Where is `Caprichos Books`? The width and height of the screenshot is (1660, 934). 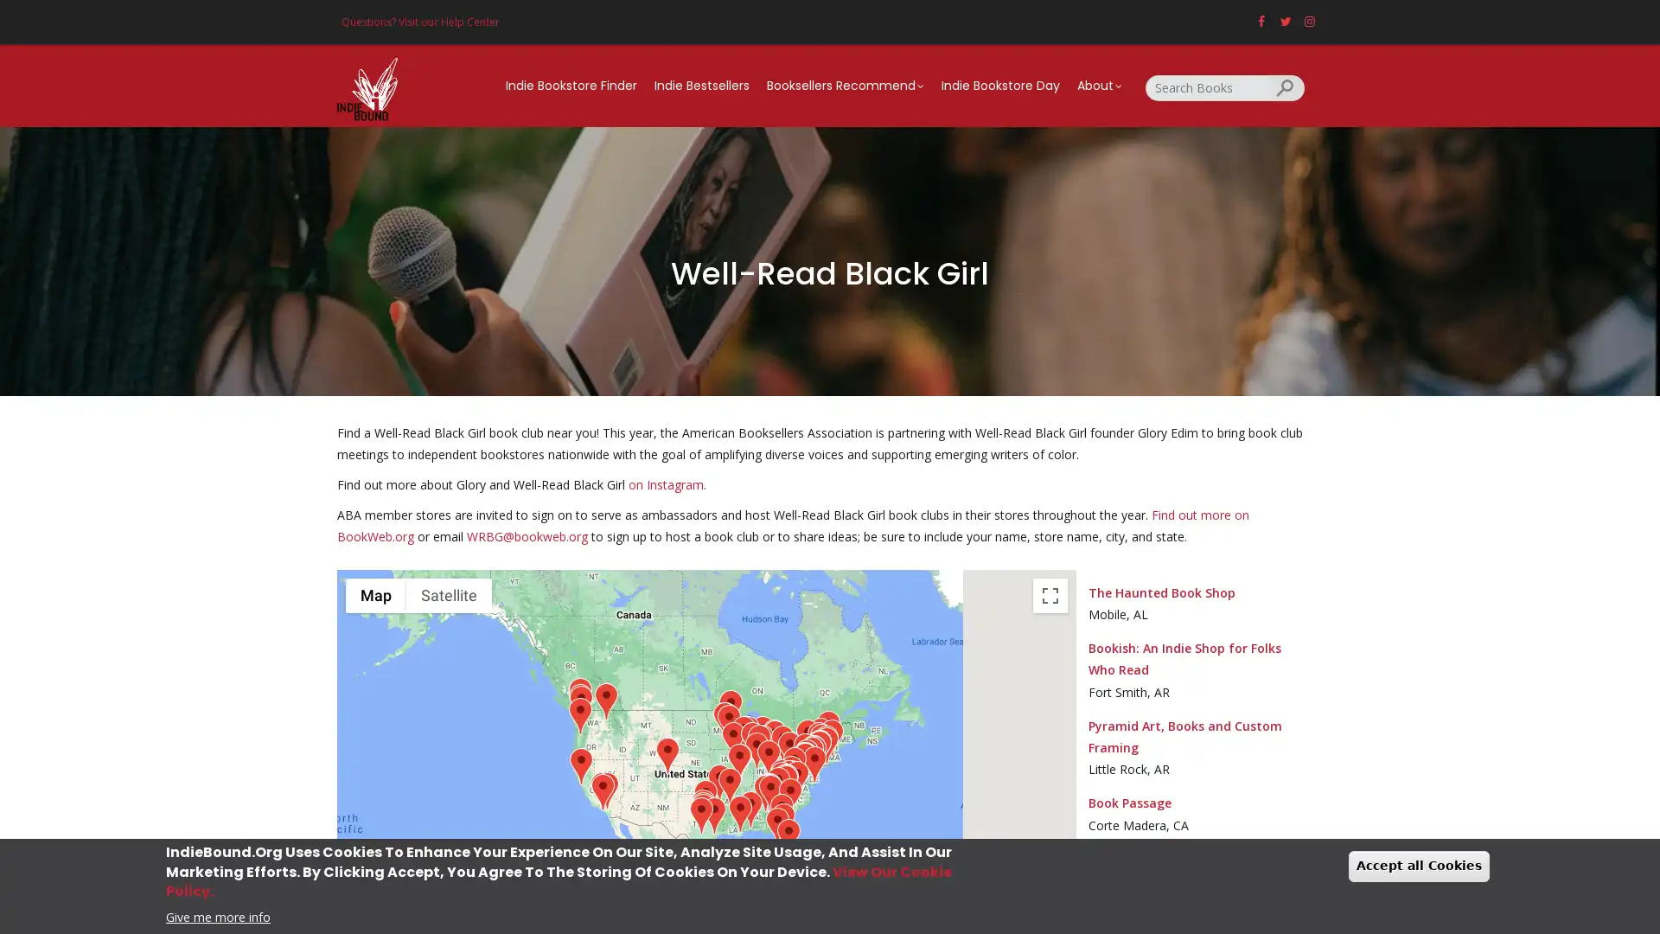
Caprichos Books is located at coordinates (813, 763).